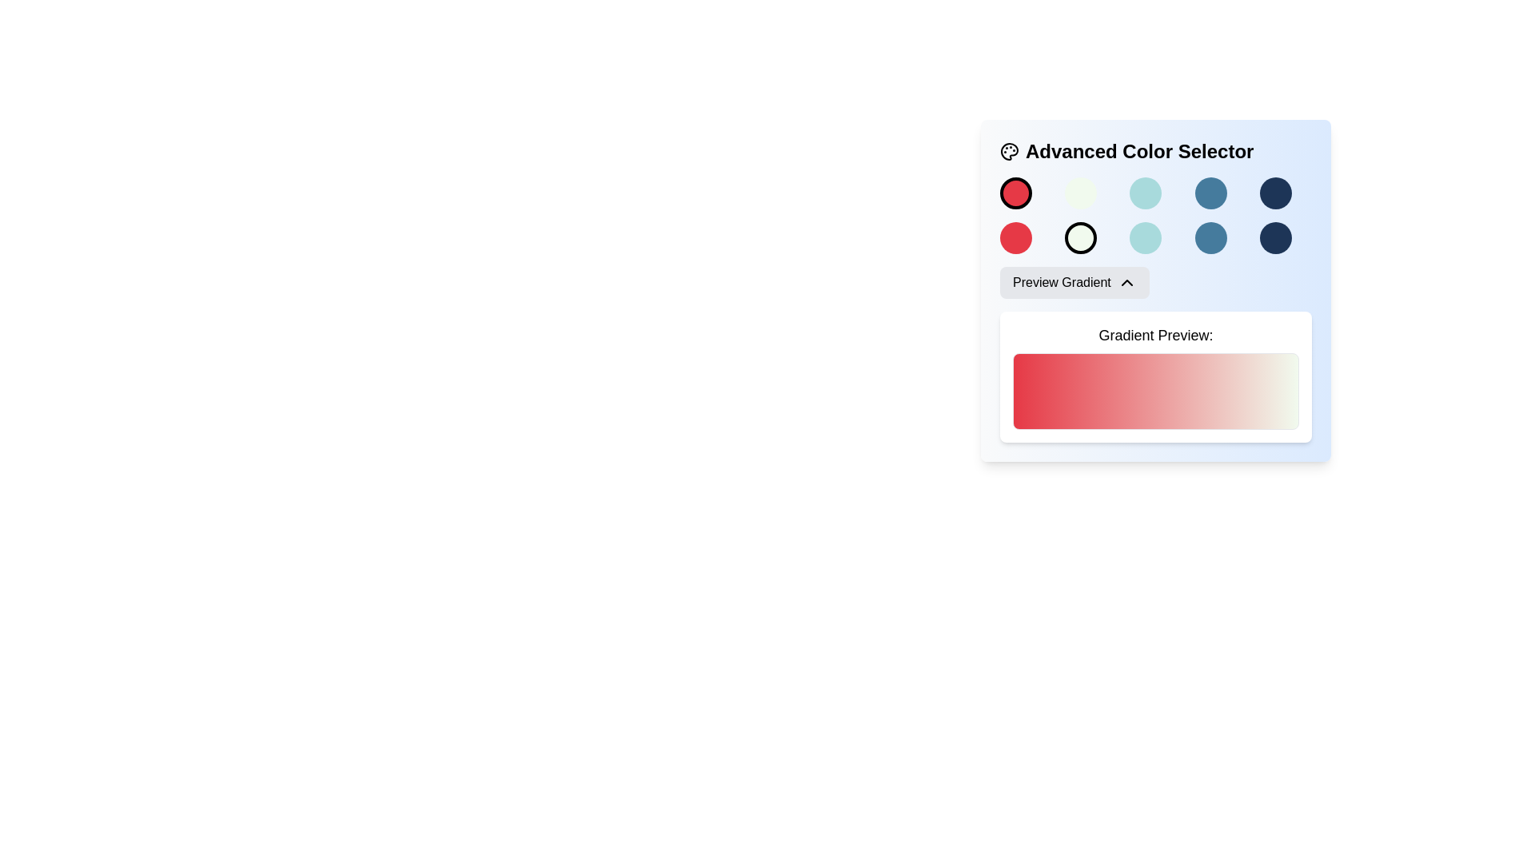 Image resolution: width=1535 pixels, height=863 pixels. Describe the element at coordinates (1145, 237) in the screenshot. I see `the secondary color selection button` at that location.